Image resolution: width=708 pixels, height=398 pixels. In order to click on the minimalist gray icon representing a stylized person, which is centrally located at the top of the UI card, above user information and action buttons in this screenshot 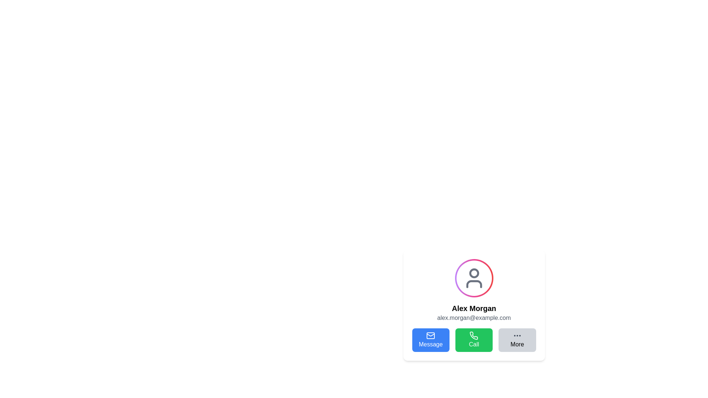, I will do `click(474, 278)`.